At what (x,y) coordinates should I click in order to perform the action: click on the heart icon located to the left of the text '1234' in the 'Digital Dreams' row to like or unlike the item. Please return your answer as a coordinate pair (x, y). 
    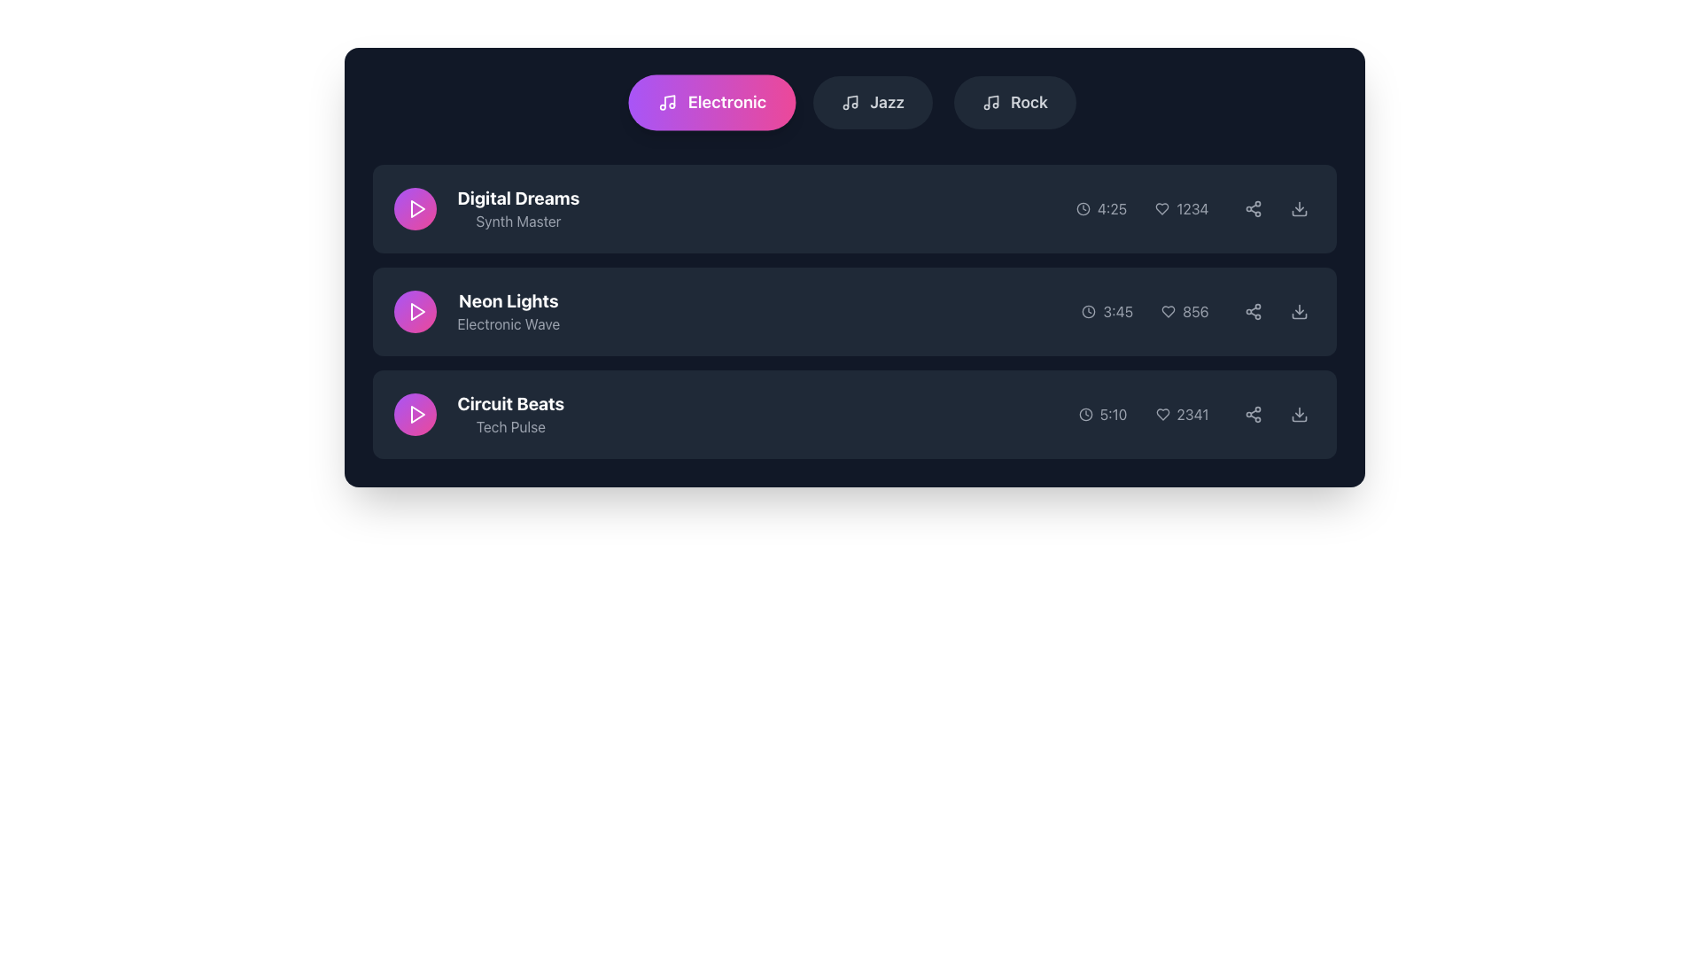
    Looking at the image, I should click on (1162, 207).